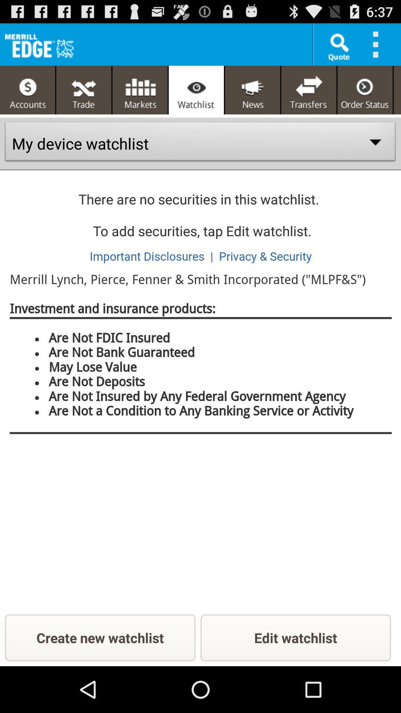  What do you see at coordinates (196, 96) in the screenshot?
I see `the visibility icon` at bounding box center [196, 96].